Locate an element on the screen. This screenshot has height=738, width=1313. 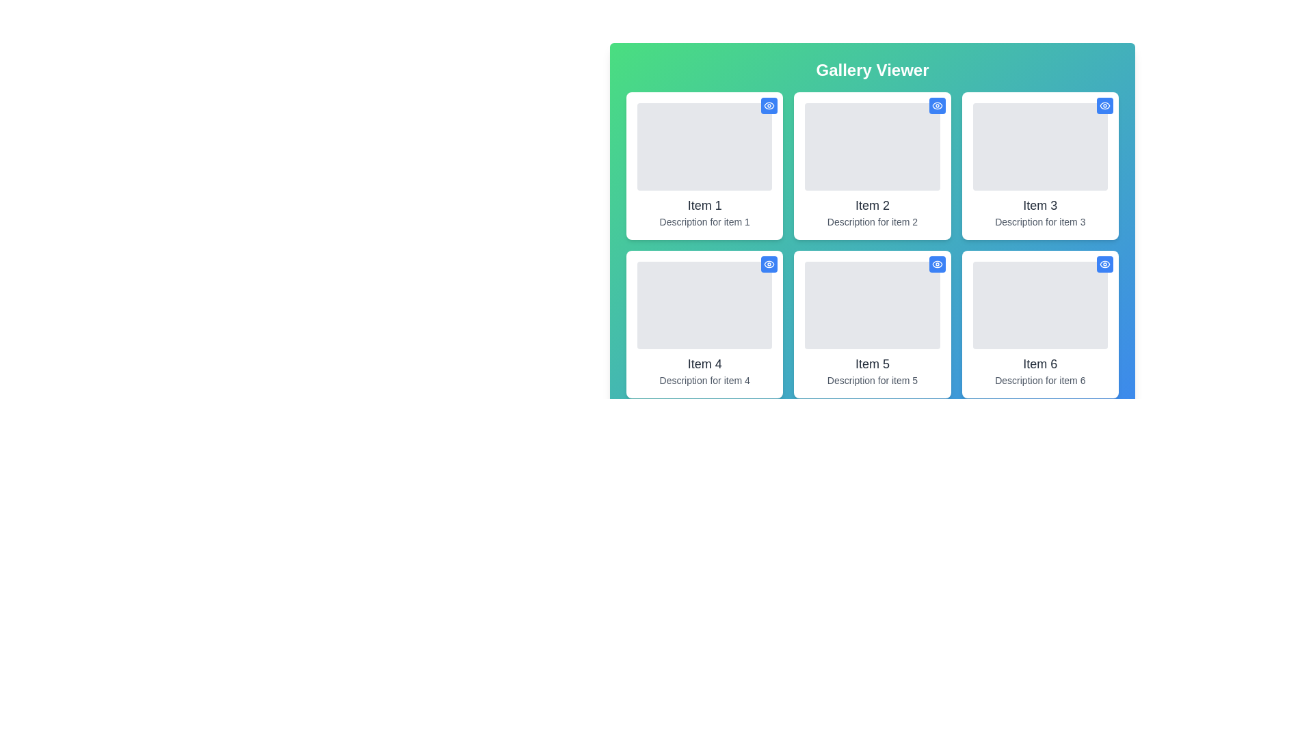
text displayed in the text label that shows 'Item 2', located in the second row and second column of the grid layout, below the image placeholder and above the description text is located at coordinates (872, 205).